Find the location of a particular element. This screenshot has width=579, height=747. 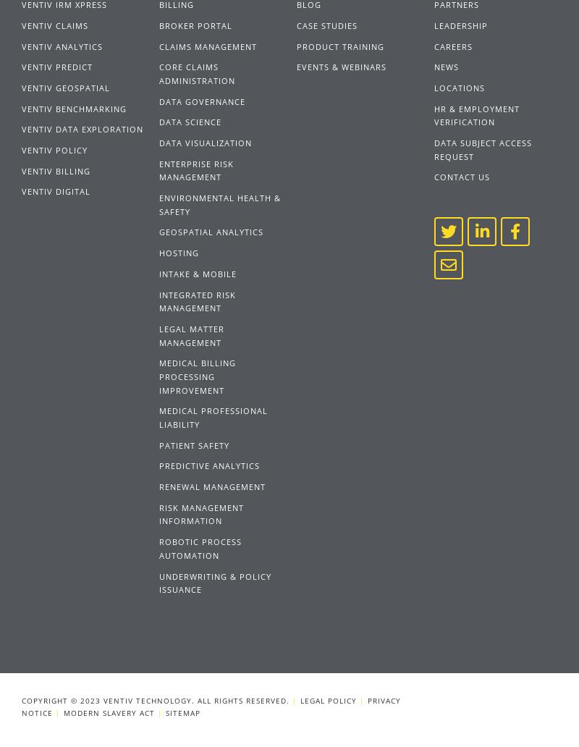

'Integrated Risk Management' is located at coordinates (197, 300).